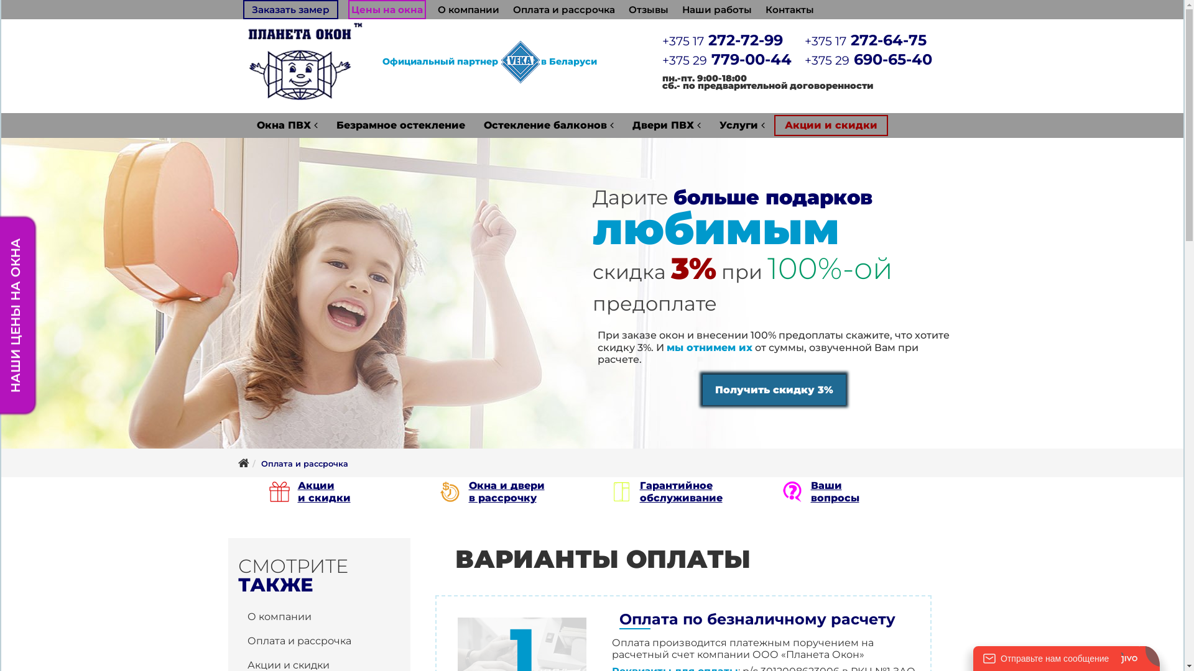 The height and width of the screenshot is (671, 1194). What do you see at coordinates (662, 59) in the screenshot?
I see `'+375 29 779-00-44'` at bounding box center [662, 59].